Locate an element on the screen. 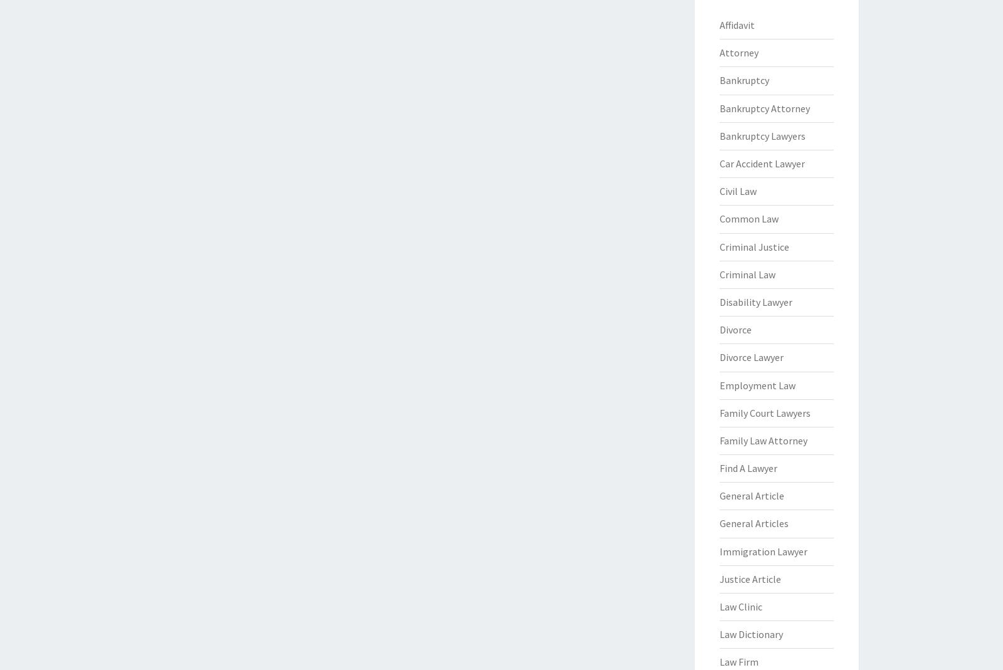  'Common Law' is located at coordinates (719, 219).